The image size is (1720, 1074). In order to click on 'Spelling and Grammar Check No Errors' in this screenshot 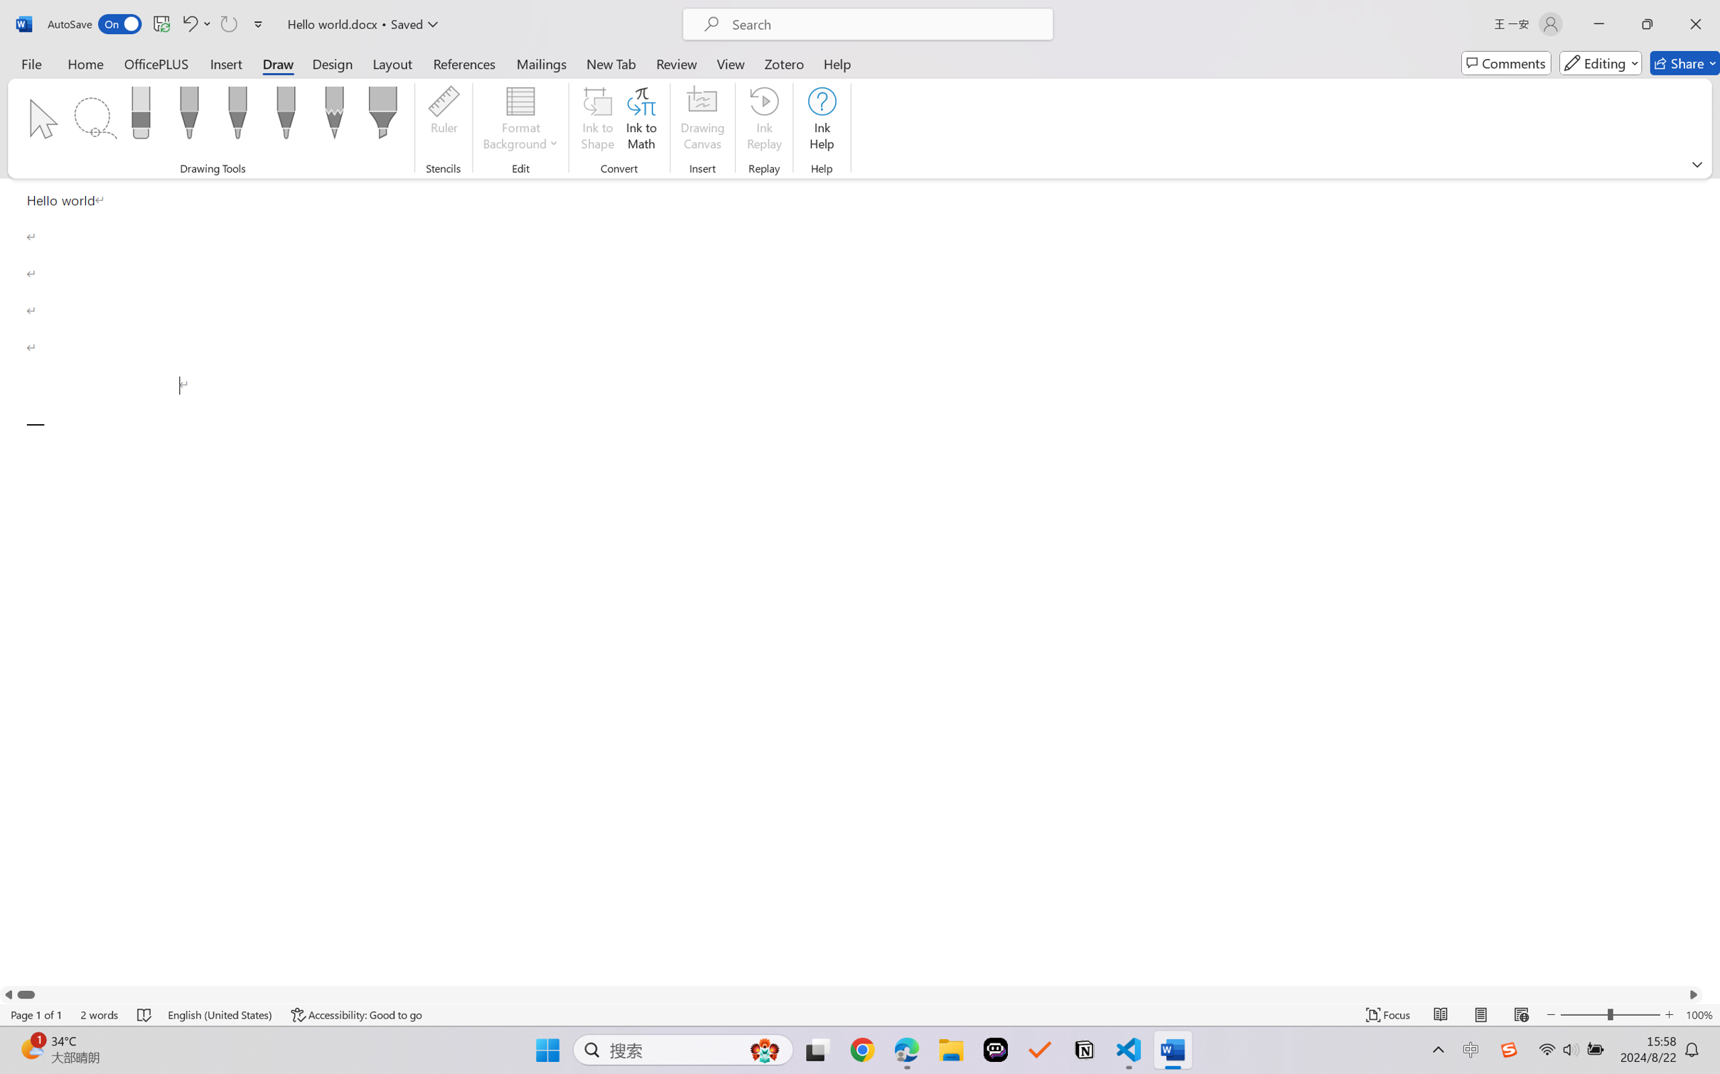, I will do `click(144, 1014)`.